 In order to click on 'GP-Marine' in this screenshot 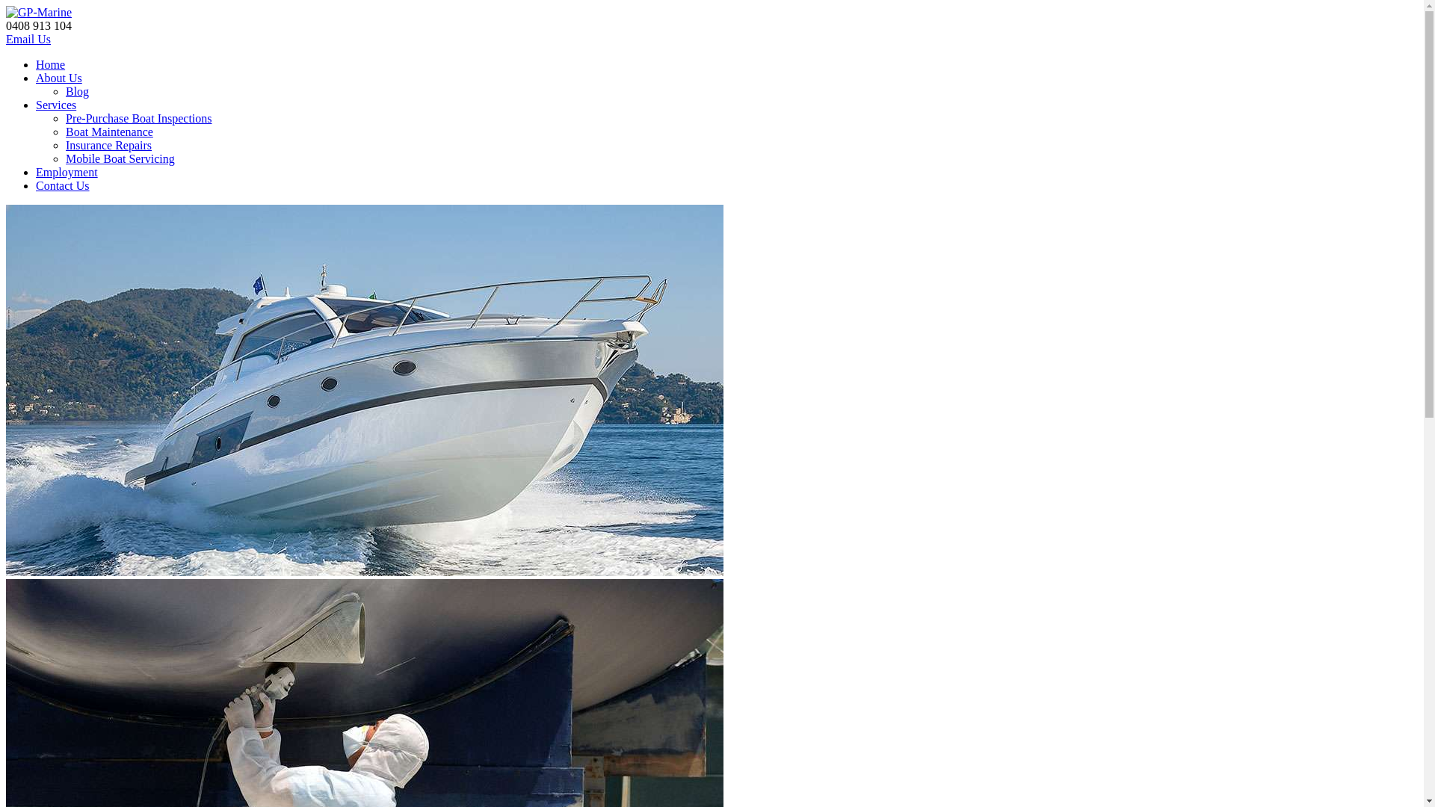, I will do `click(39, 12)`.